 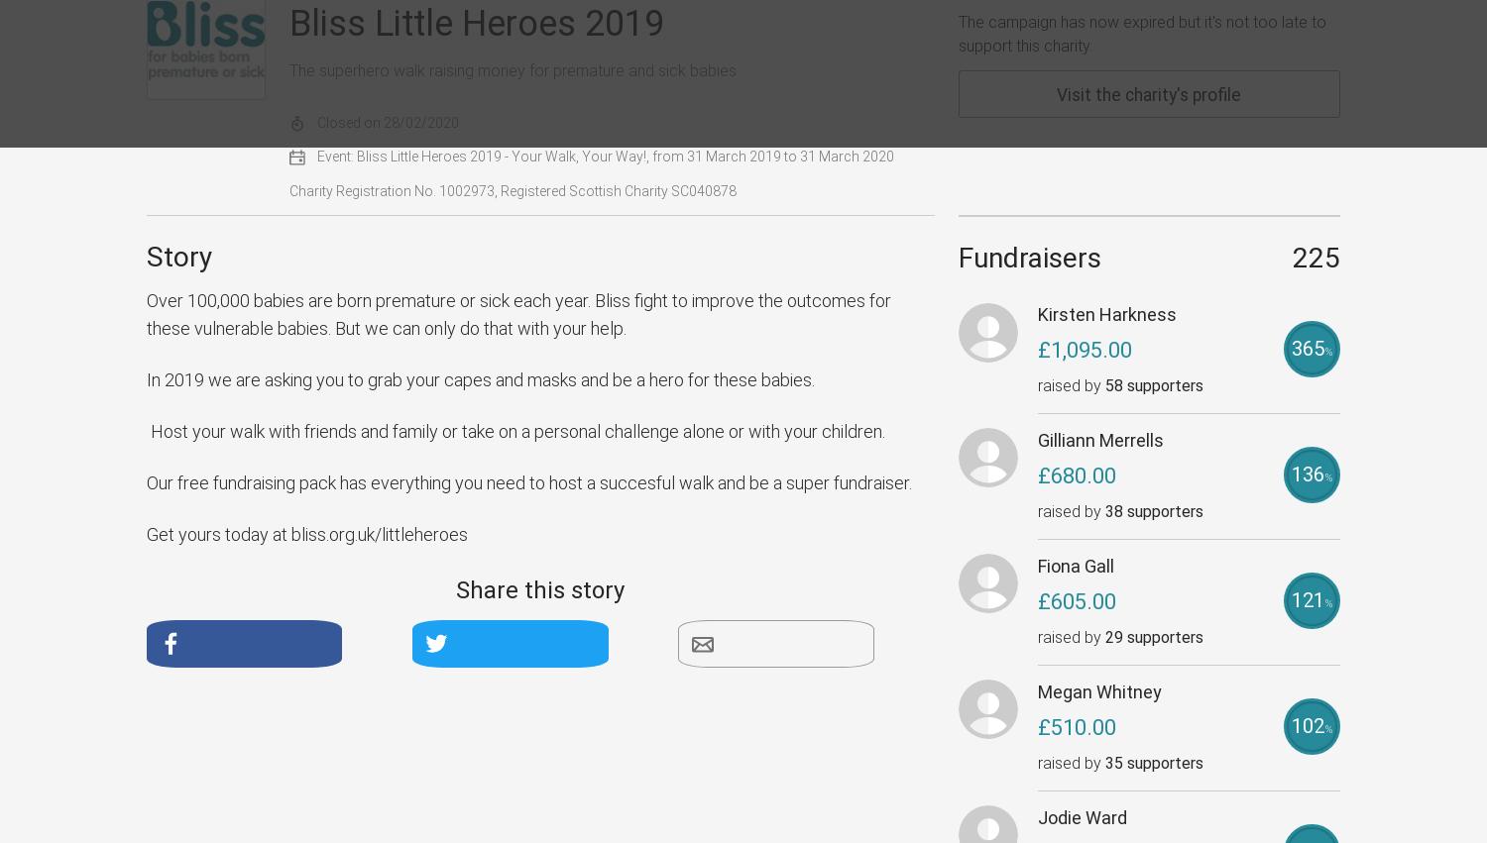 I want to click on 'In 2019 we are asking you to grab your capes and masks and be a hero for these babies.', so click(x=479, y=379).